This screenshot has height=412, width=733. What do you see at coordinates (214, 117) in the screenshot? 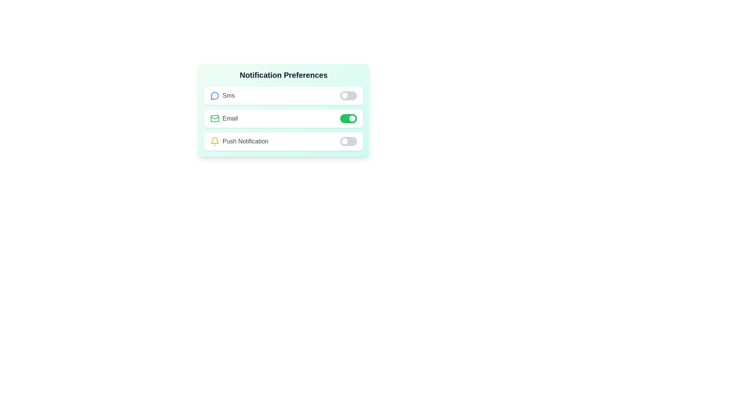
I see `the green mail-related icon in the 'Email' notification row, which resembles an envelope flap` at bounding box center [214, 117].